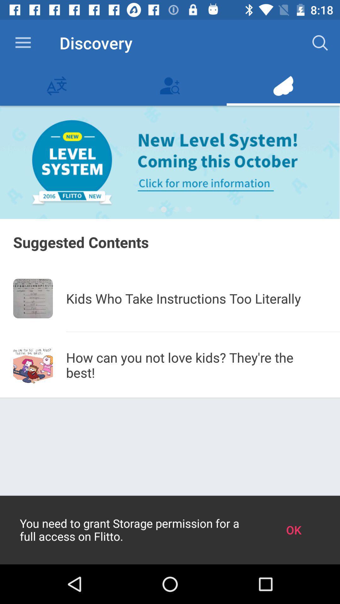 The width and height of the screenshot is (340, 604). Describe the element at coordinates (33, 365) in the screenshot. I see `the icon next to how can you app` at that location.